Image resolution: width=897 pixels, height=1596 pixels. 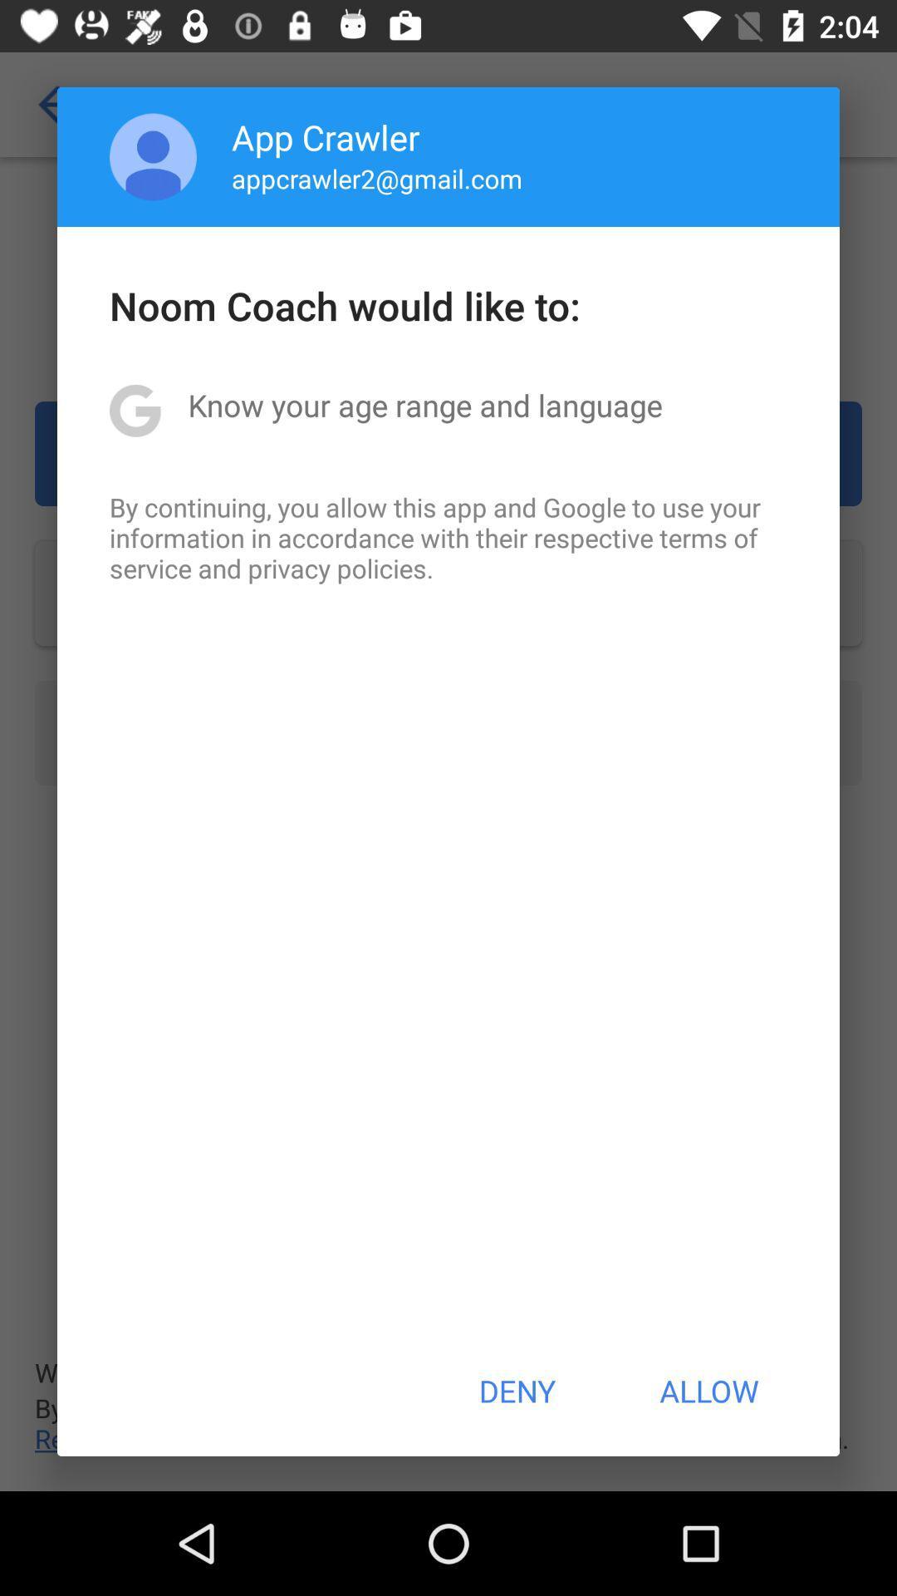 What do you see at coordinates (326, 136) in the screenshot?
I see `the icon above appcrawler2@gmail.com app` at bounding box center [326, 136].